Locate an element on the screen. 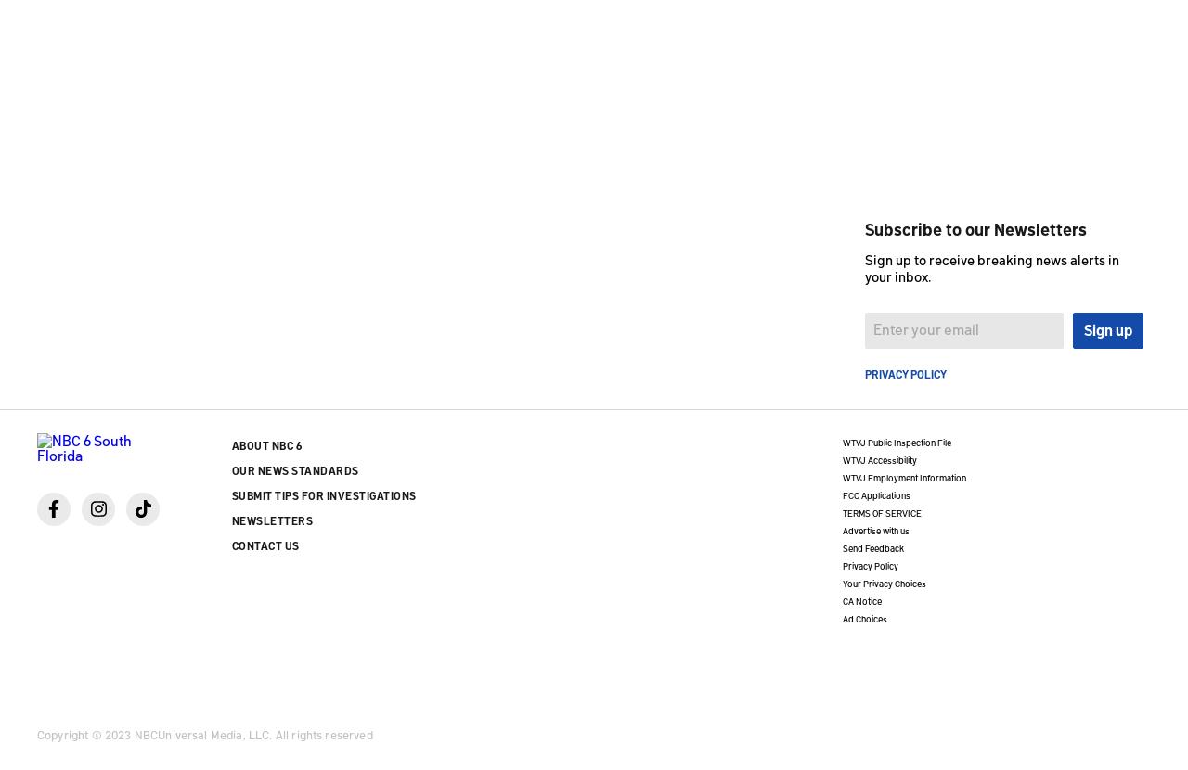 Image resolution: width=1188 pixels, height=770 pixels. 'Our News Standards' is located at coordinates (293, 468).